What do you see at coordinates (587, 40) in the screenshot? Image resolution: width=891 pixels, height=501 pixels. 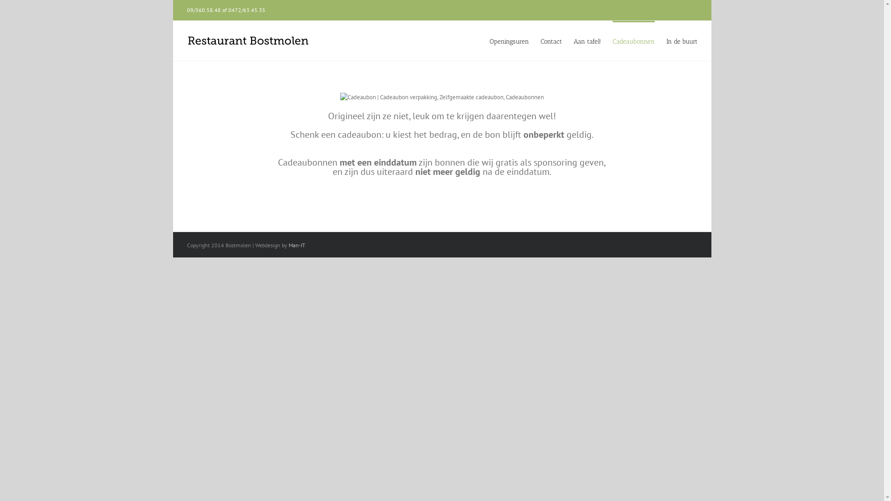 I see `'Aan tafel!'` at bounding box center [587, 40].